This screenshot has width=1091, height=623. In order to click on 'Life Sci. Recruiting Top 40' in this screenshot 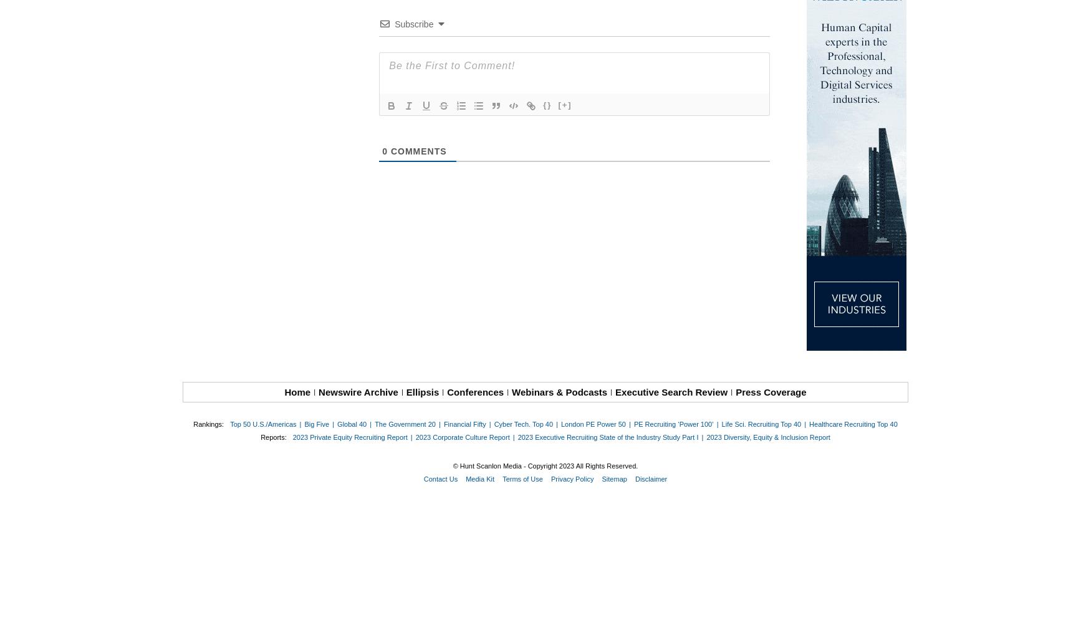, I will do `click(761, 424)`.